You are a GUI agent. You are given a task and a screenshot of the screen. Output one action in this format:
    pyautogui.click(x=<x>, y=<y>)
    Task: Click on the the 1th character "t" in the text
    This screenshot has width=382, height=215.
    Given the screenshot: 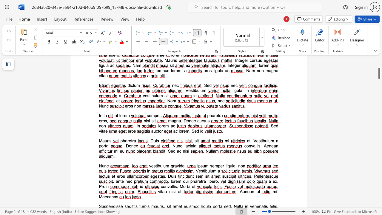 What is the action you would take?
    pyautogui.click(x=131, y=141)
    